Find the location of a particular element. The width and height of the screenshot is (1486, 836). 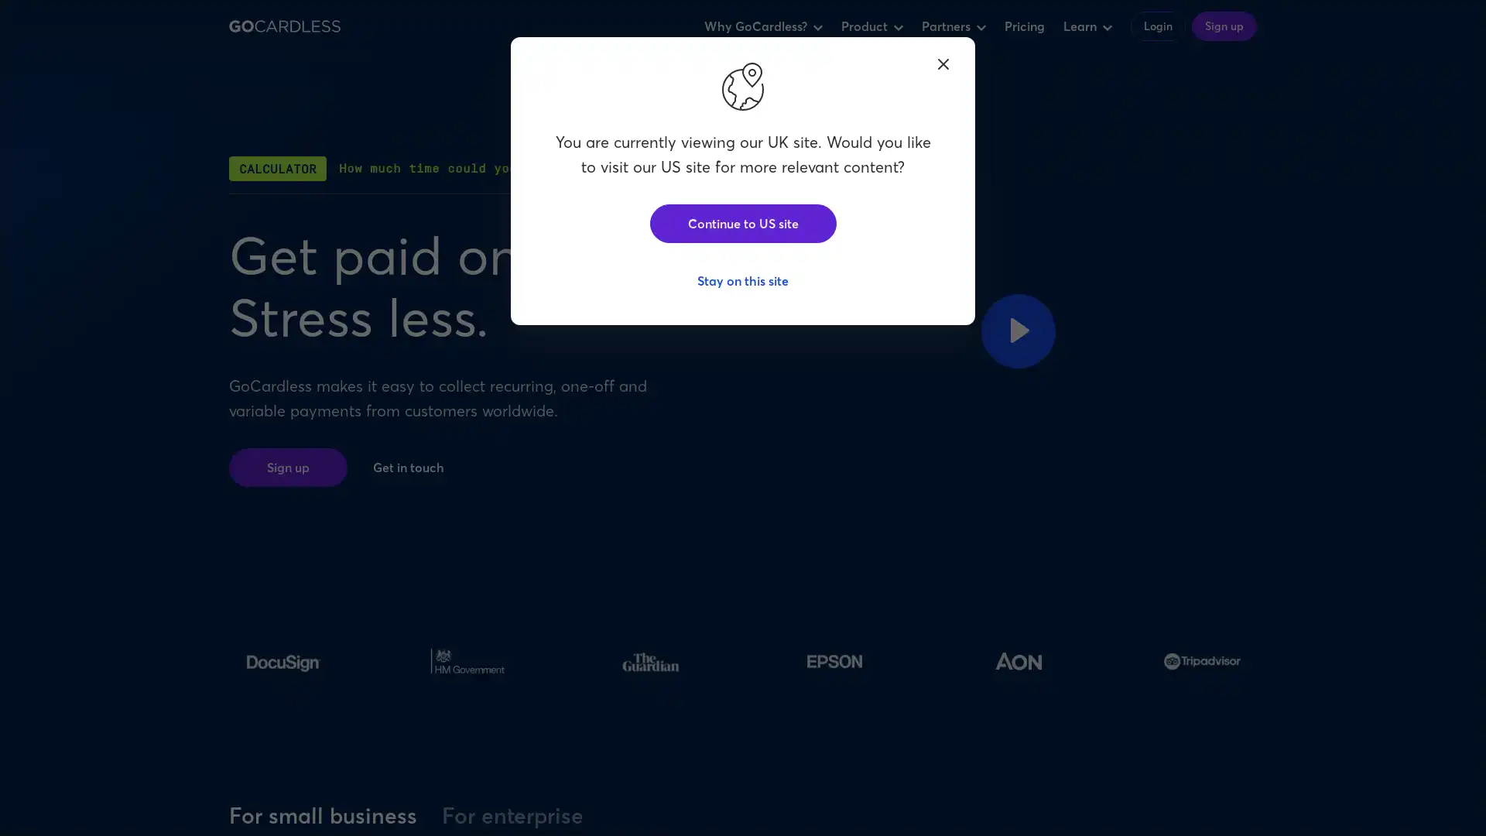

Why GoCardless? is located at coordinates (763, 26).